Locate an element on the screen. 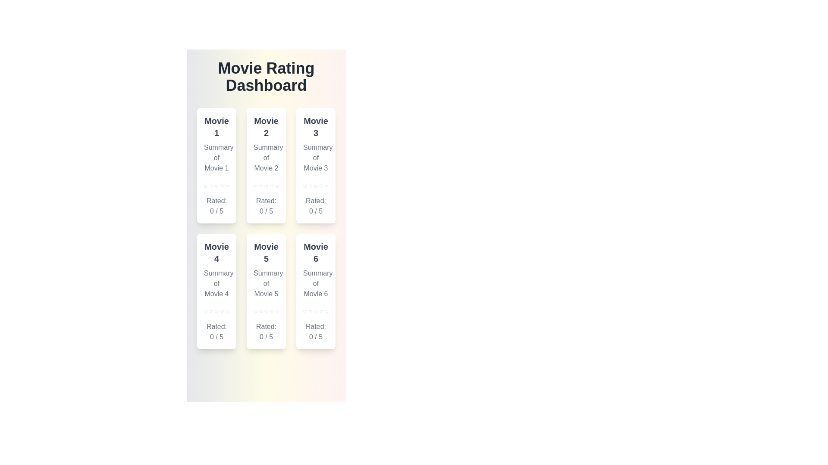 This screenshot has height=465, width=828. the movie card for Movie 2 is located at coordinates (266, 166).